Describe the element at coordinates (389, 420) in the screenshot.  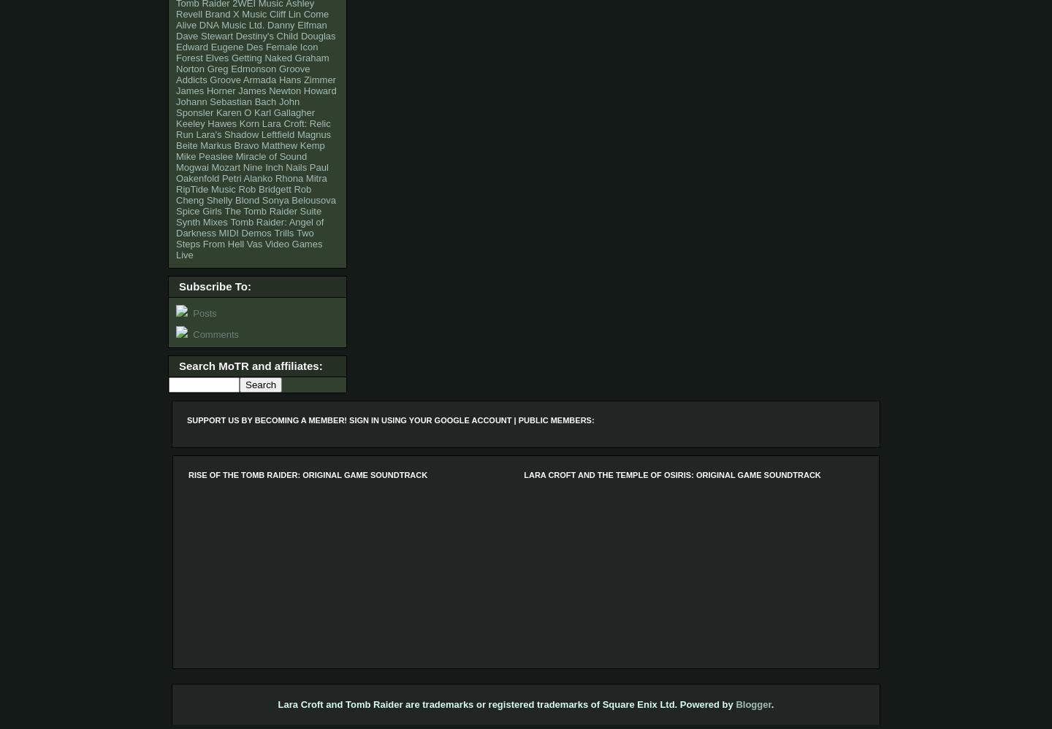
I see `'Support us by becoming a member! Sign in using your Google account   |   Public Members:'` at that location.